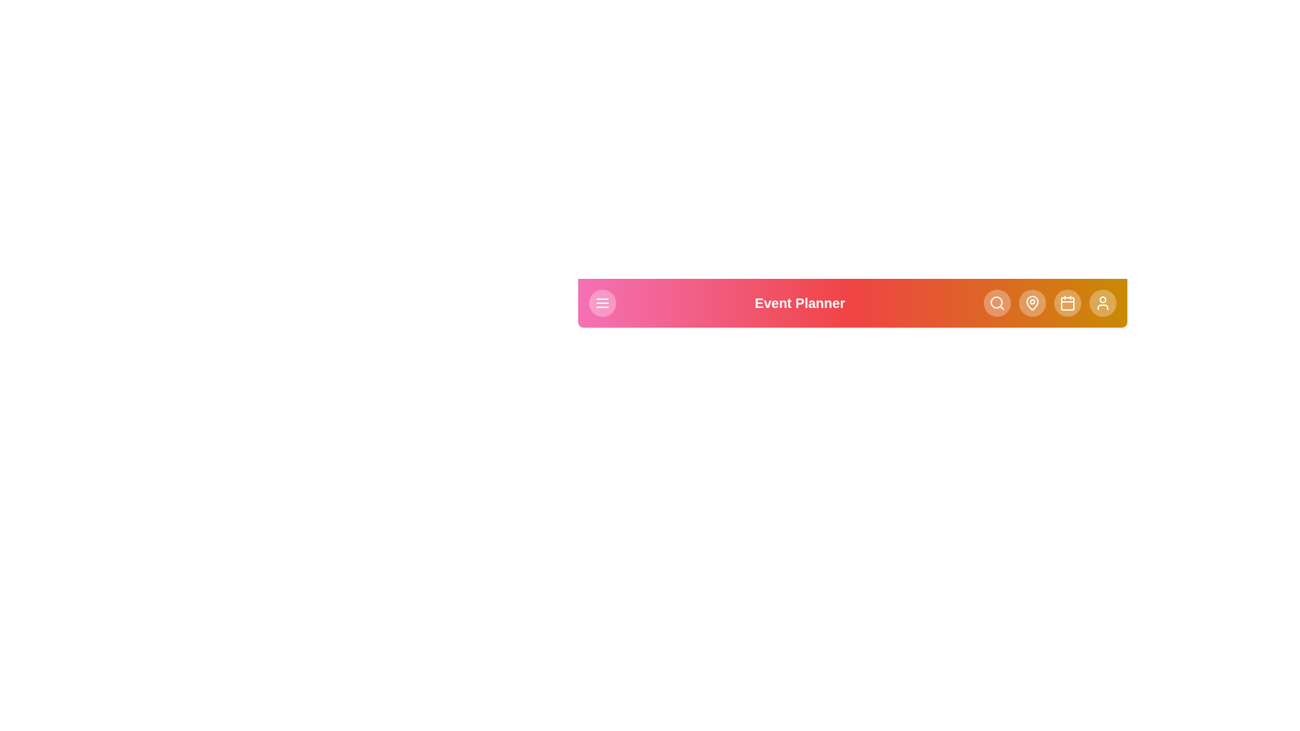 The height and width of the screenshot is (731, 1300). Describe the element at coordinates (1066, 302) in the screenshot. I see `the 'Schedule' button to view the calendar` at that location.